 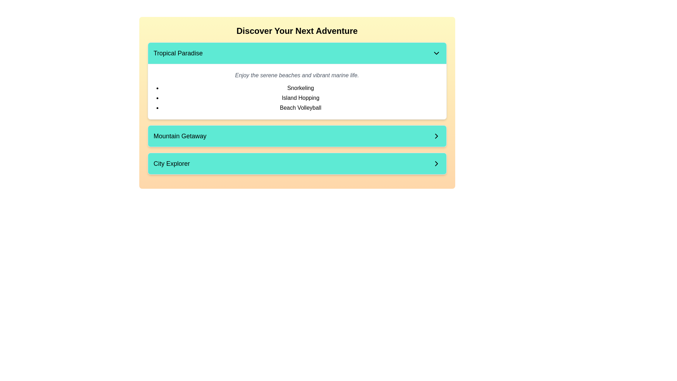 I want to click on the 'Mountain Getaway' button, which is the second item in the vertical list within the 'Discover Your Next Adventure' card component, so click(x=297, y=136).